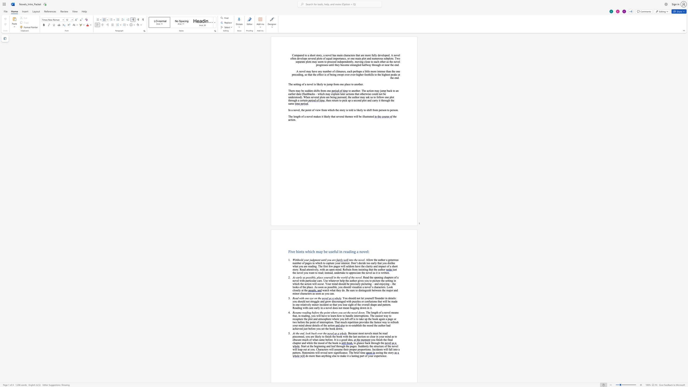  What do you see at coordinates (330, 325) in the screenshot?
I see `the space between the continuous character "c" and "t" in the text` at bounding box center [330, 325].